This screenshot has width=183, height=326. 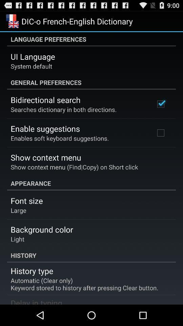 I want to click on the enables soft keyboard item, so click(x=60, y=138).